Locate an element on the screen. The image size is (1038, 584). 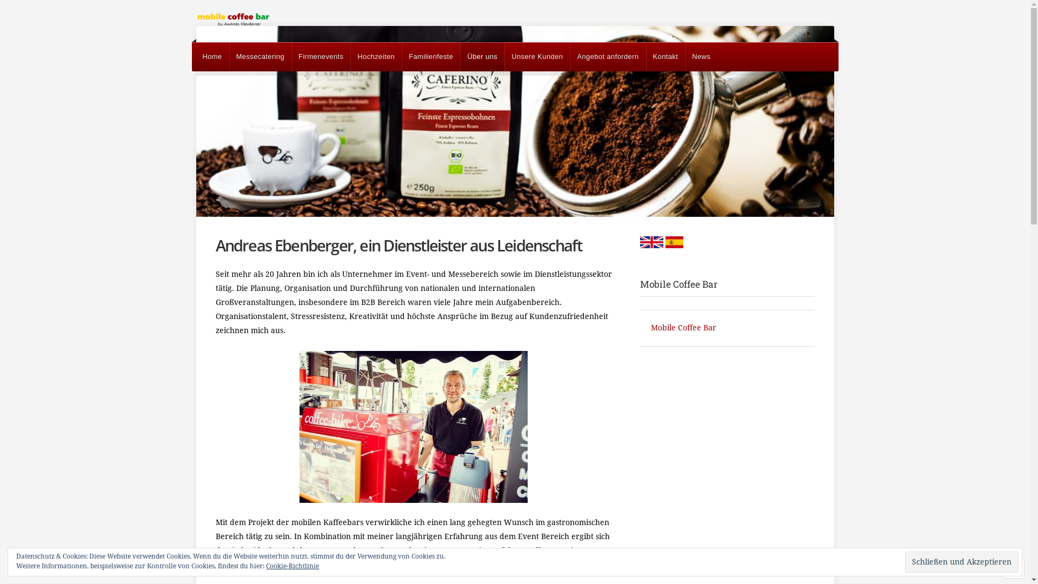
'Unsere Kunden' is located at coordinates (537, 56).